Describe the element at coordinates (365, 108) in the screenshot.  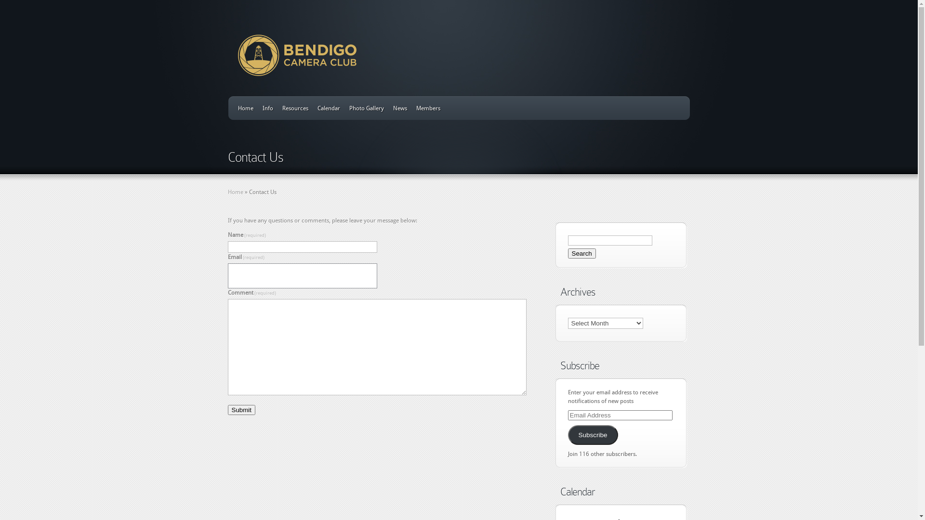
I see `'Photo Gallery'` at that location.